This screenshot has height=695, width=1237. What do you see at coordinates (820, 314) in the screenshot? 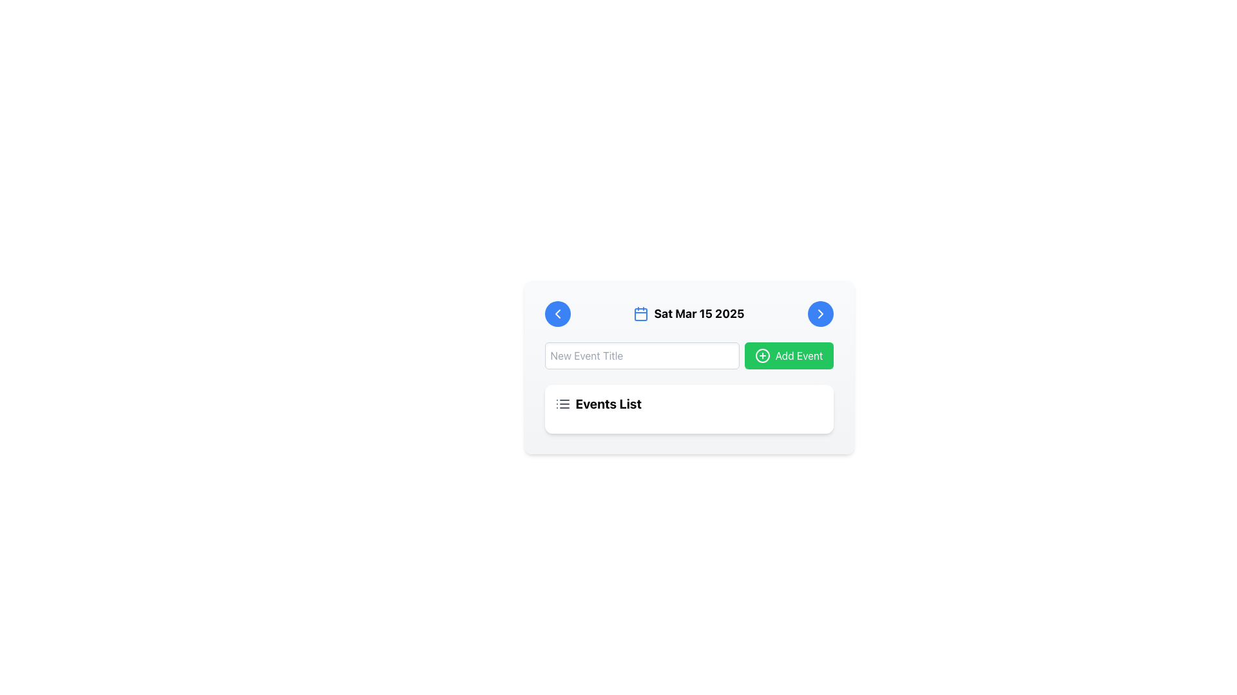
I see `the circular blue button icon located at the top-right of the card-like UI component, which indicates navigation to the next date or event, adjacent to the 'Sat Mar 15 2025' text label` at bounding box center [820, 314].